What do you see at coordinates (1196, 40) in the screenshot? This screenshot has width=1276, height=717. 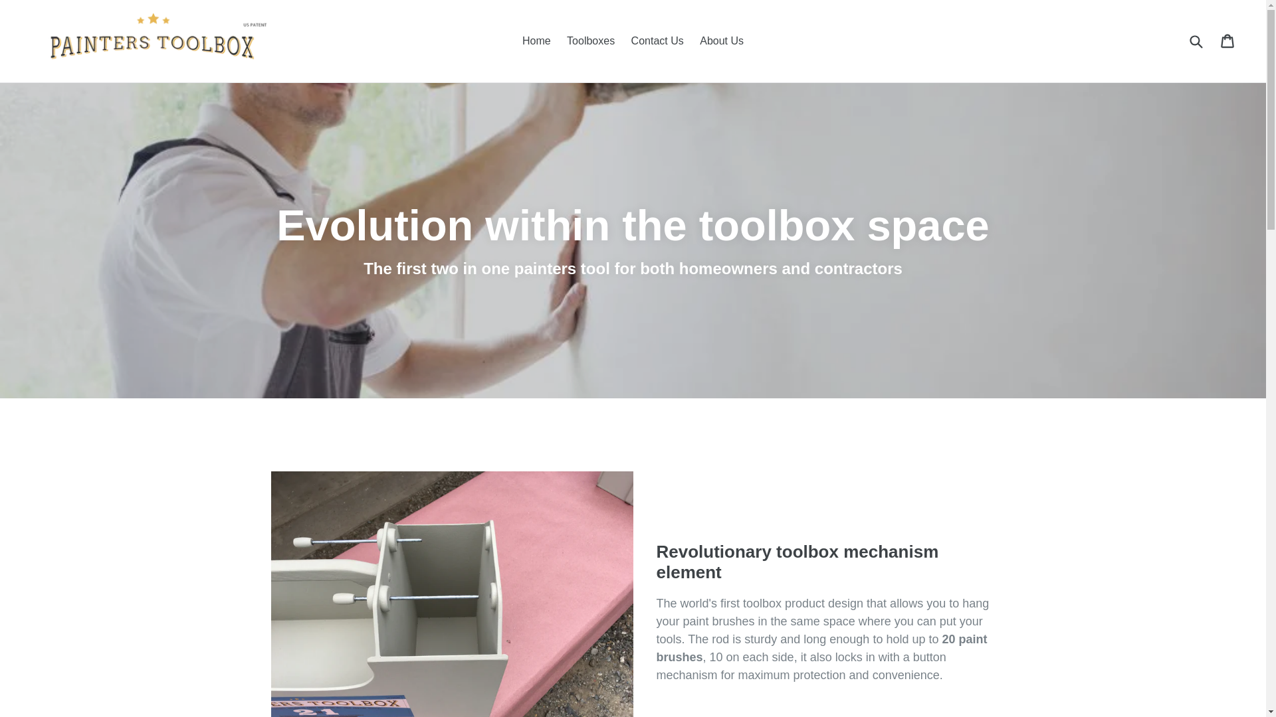 I see `'Submit'` at bounding box center [1196, 40].